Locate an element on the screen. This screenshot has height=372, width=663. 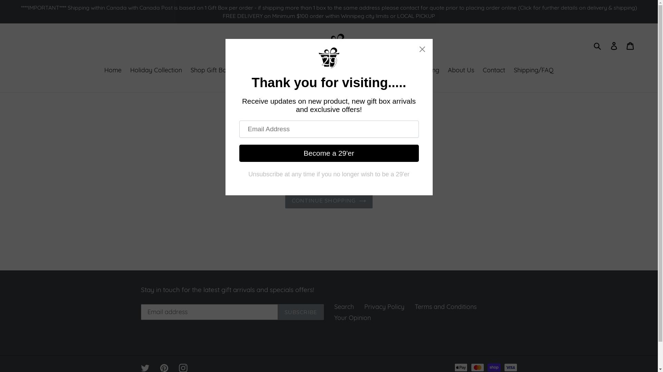
'Submit' is located at coordinates (597, 45).